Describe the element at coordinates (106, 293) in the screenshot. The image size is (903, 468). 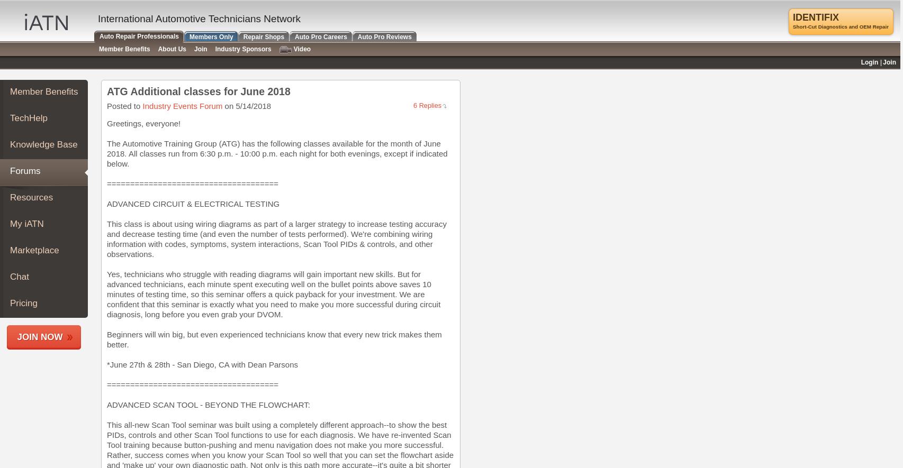
I see `'Yes, technicians who struggle with reading diagrams will
gain important new skills. But for advanced technicians,
each minute spent executing well on the bullet points above
saves 10 minutes of testing time, so this seminar offers a
quick payback for your investment. We are confident that
this seminar is exactly what you need to make you more
successful during circuit diagnosis, long before you even
grab your DVOM.'` at that location.